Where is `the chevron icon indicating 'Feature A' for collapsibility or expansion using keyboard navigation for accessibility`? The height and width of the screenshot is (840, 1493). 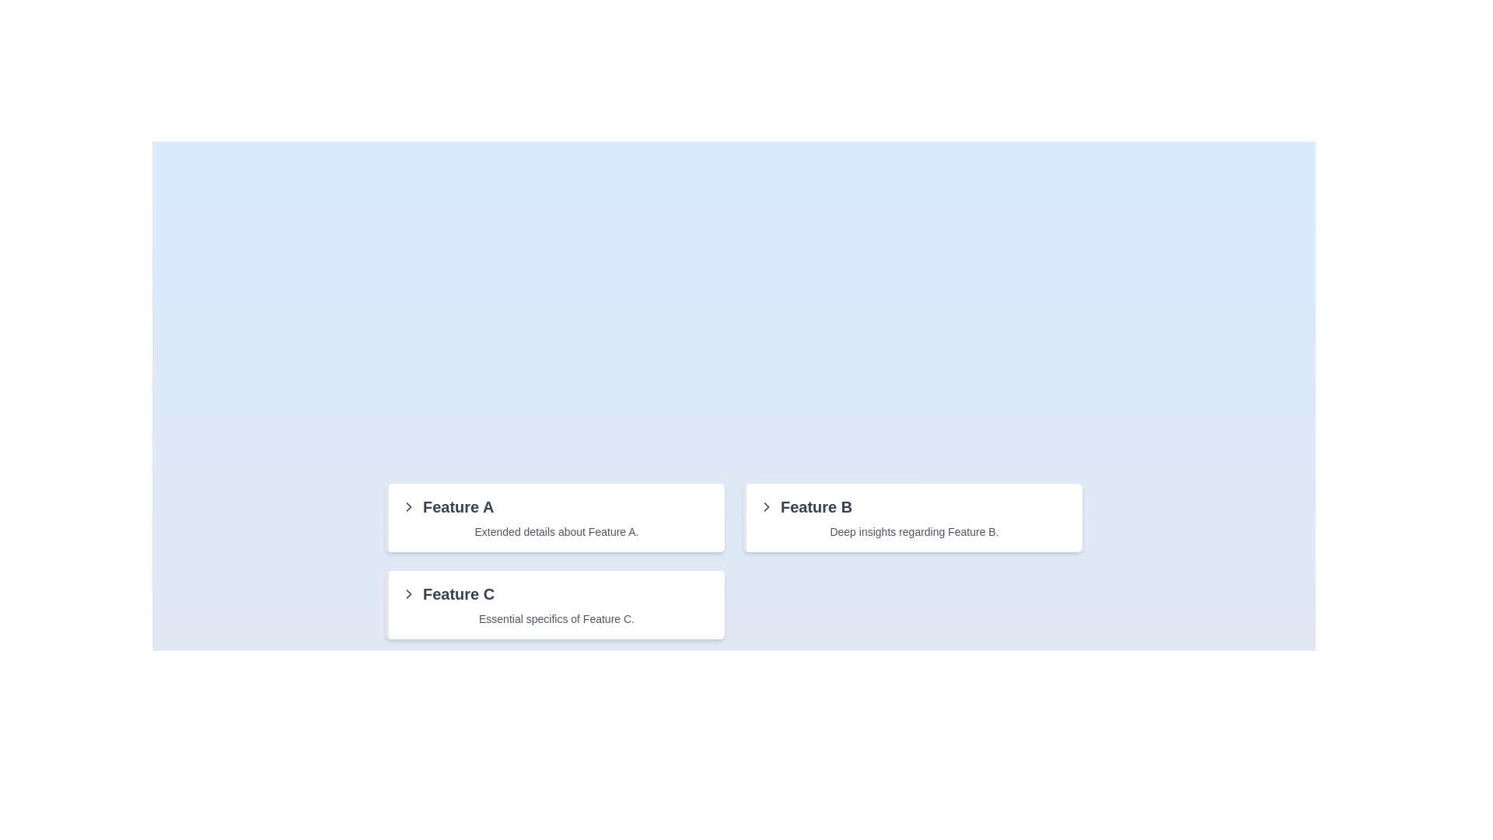
the chevron icon indicating 'Feature A' for collapsibility or expansion using keyboard navigation for accessibility is located at coordinates (409, 506).